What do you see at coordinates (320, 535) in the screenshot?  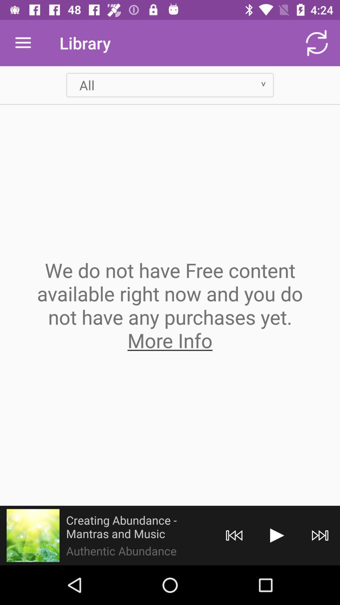 I see `fast forward audio` at bounding box center [320, 535].